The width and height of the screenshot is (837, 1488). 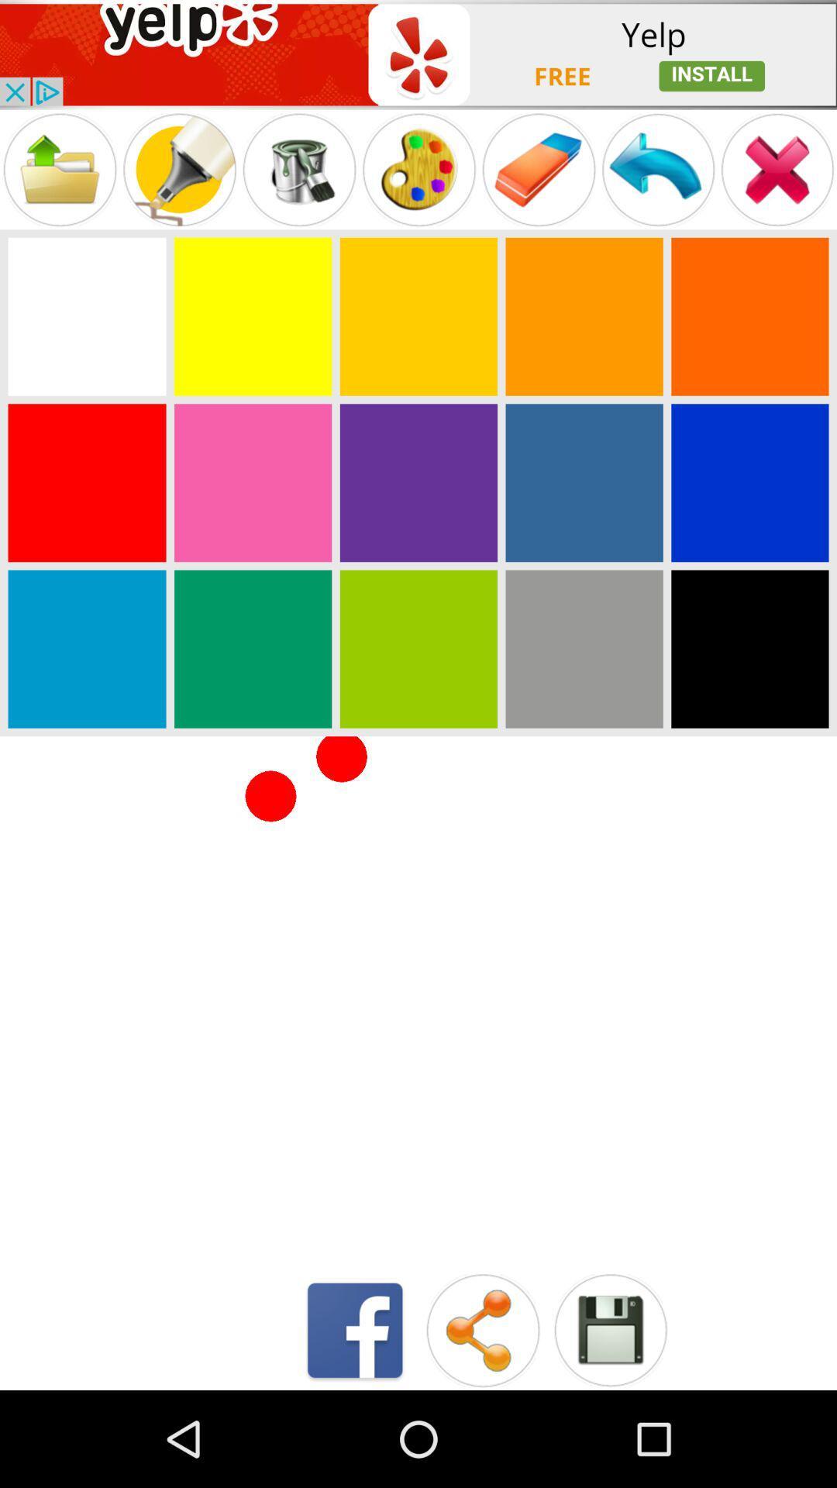 I want to click on color black, so click(x=749, y=649).